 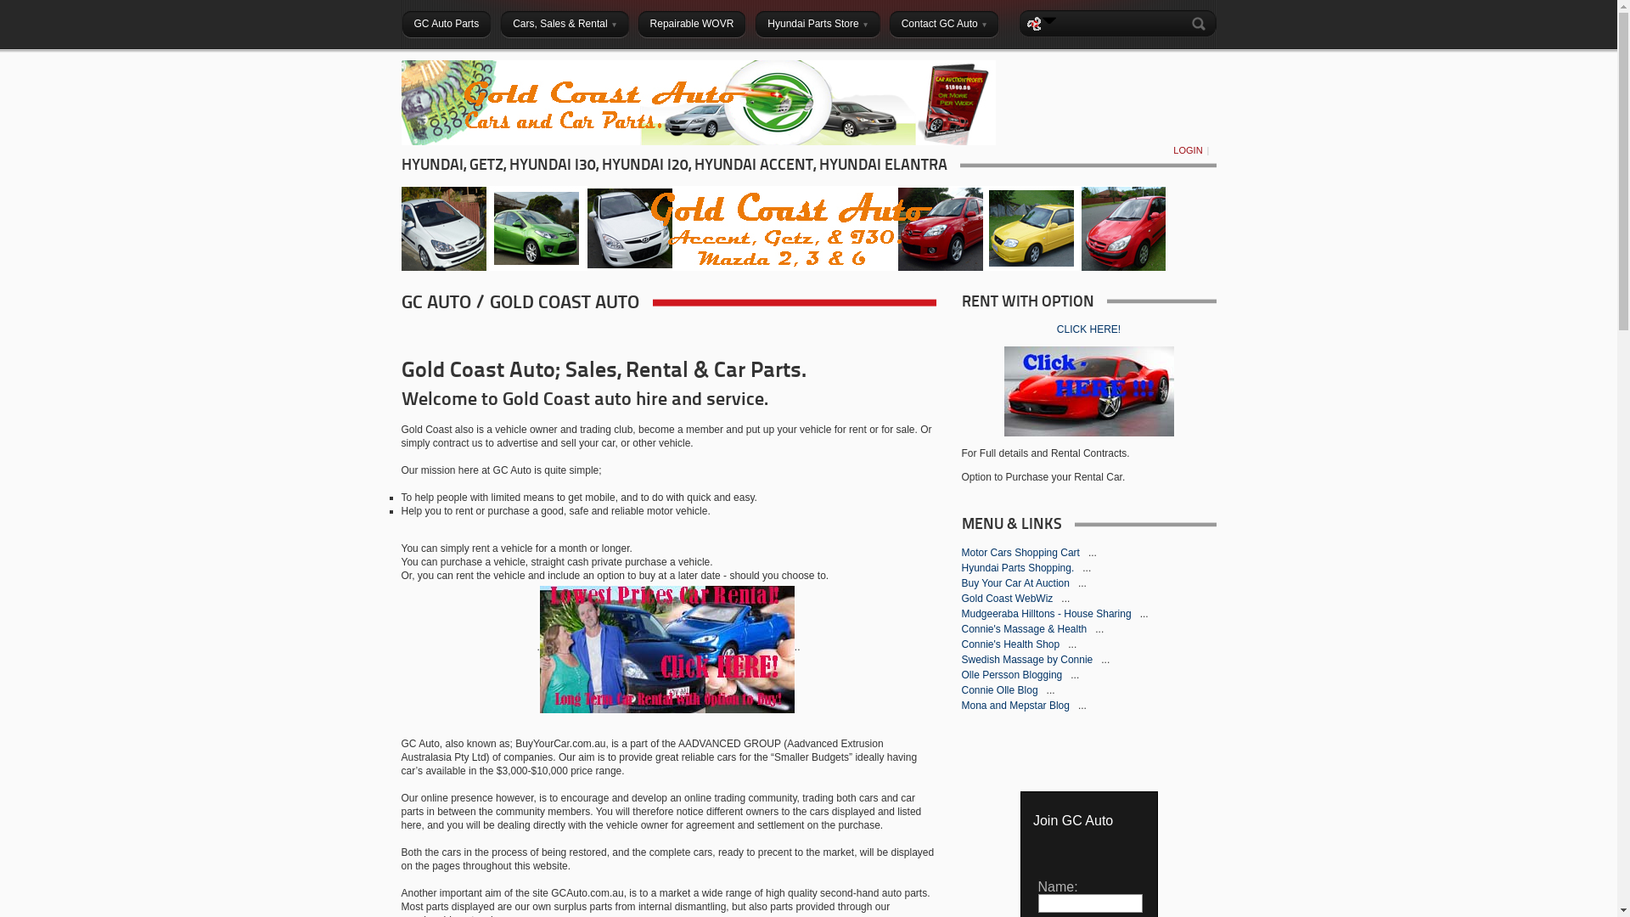 What do you see at coordinates (1092, 553) in the screenshot?
I see `'...'` at bounding box center [1092, 553].